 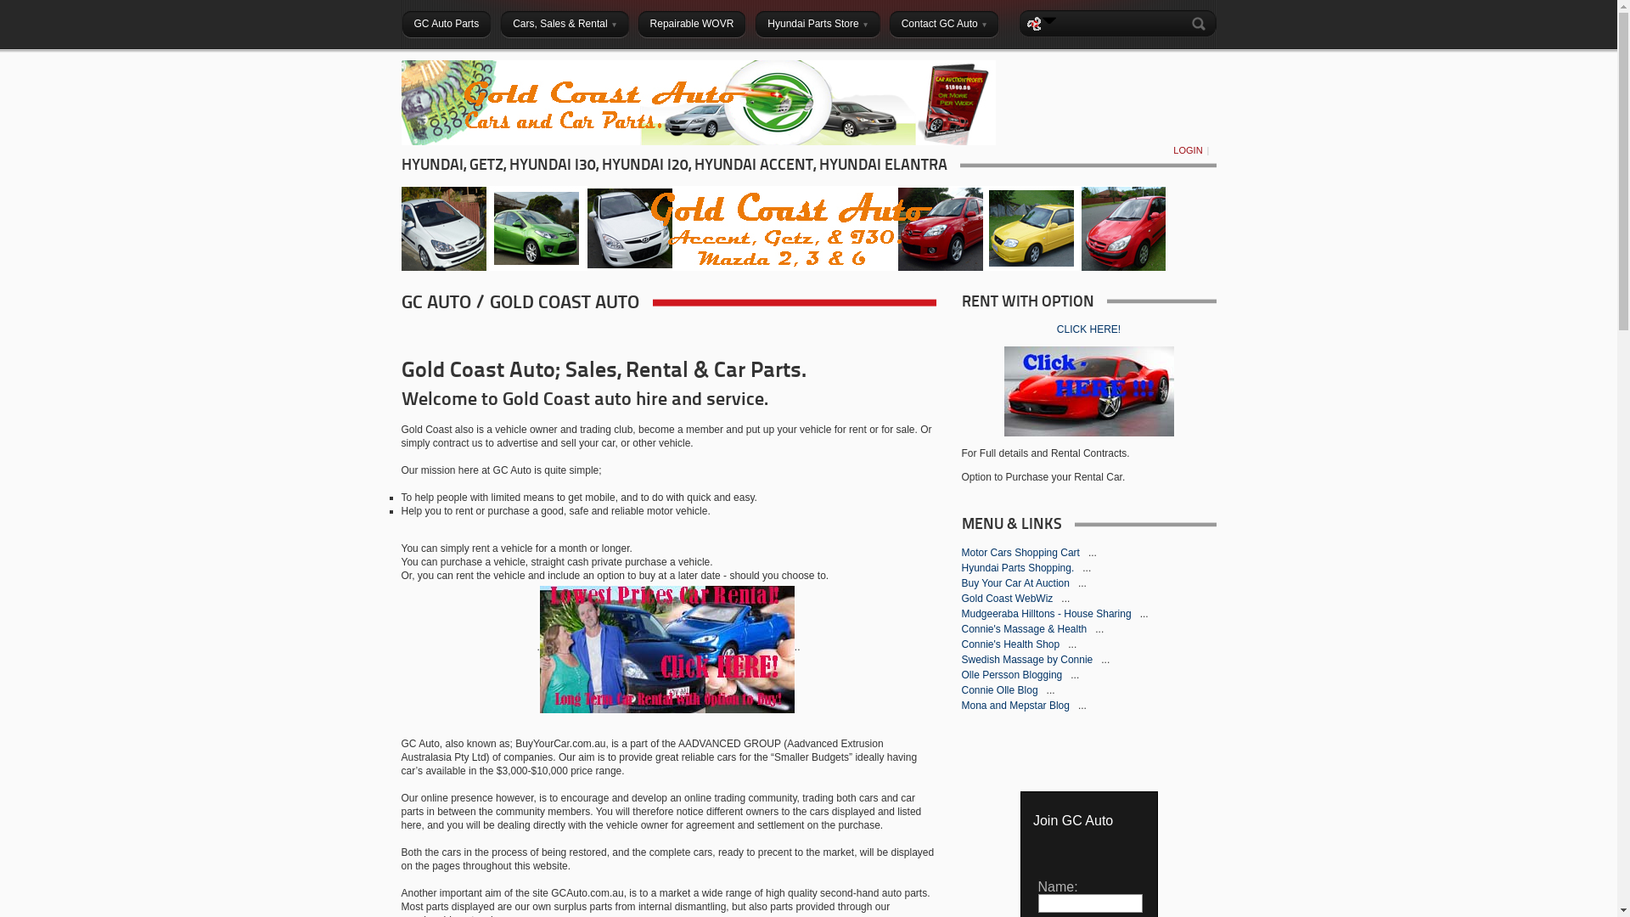 What do you see at coordinates (1092, 553) in the screenshot?
I see `'...'` at bounding box center [1092, 553].